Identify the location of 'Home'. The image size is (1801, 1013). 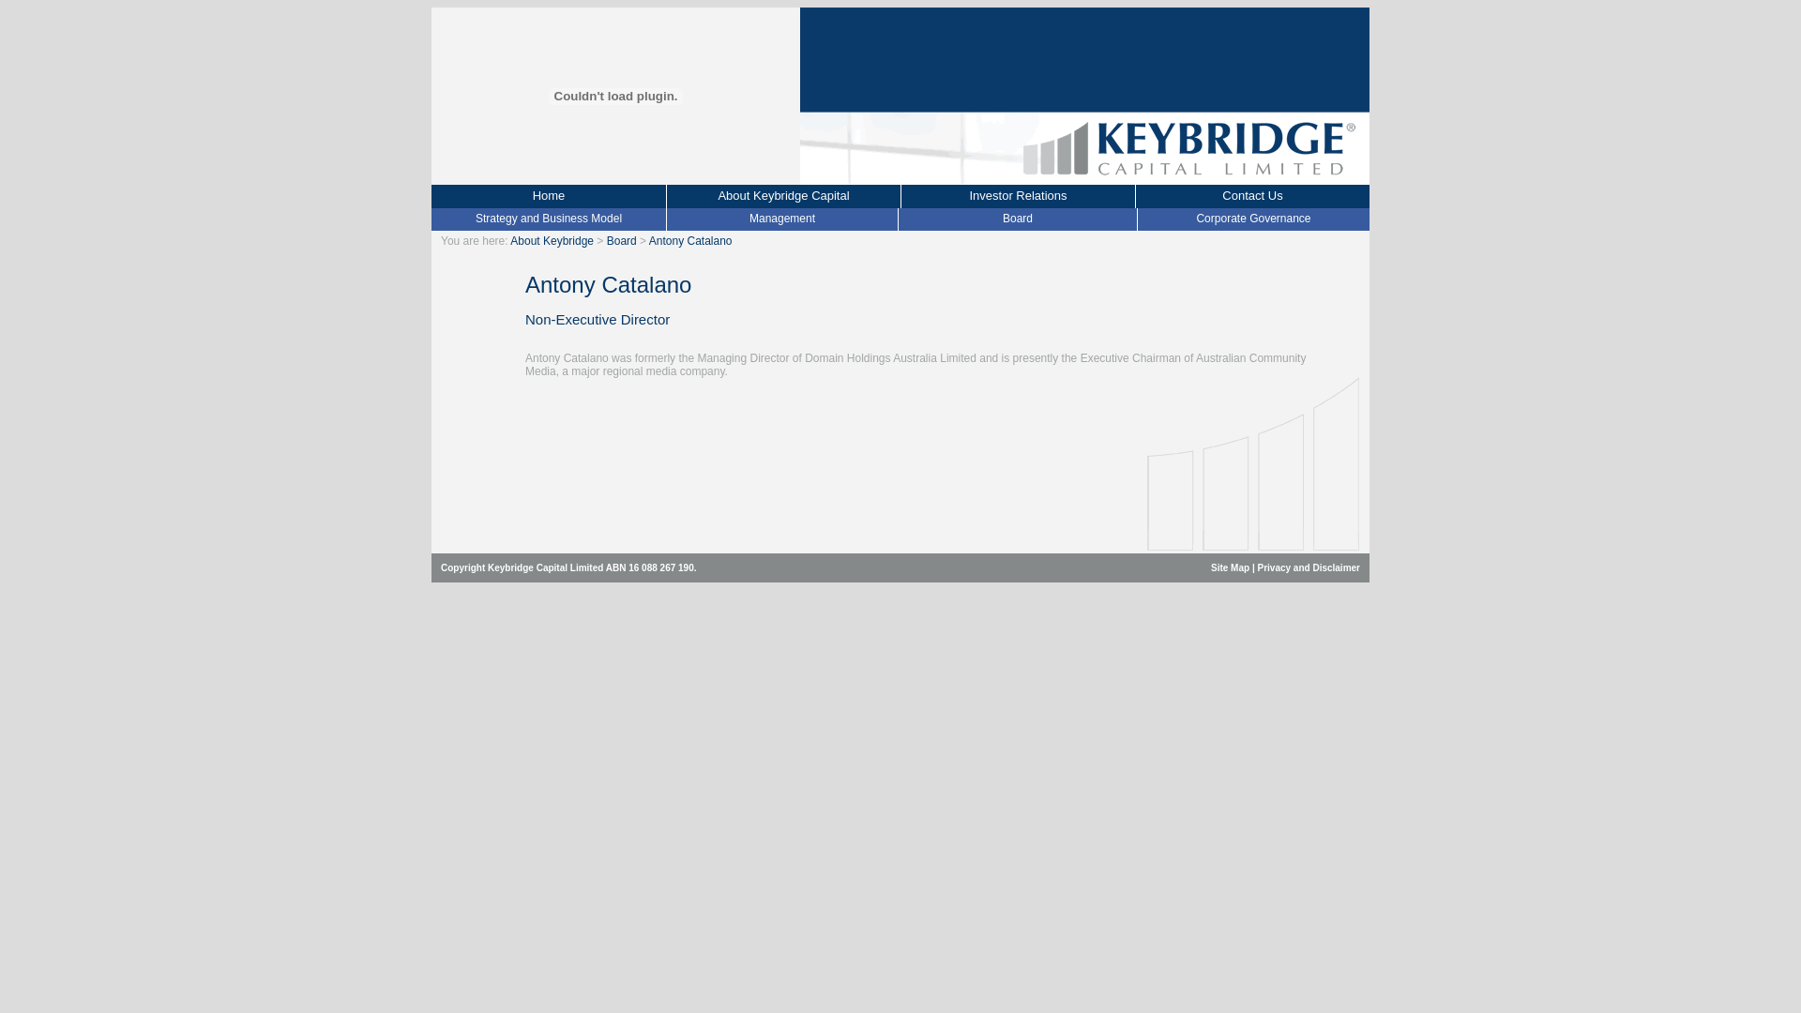
(548, 196).